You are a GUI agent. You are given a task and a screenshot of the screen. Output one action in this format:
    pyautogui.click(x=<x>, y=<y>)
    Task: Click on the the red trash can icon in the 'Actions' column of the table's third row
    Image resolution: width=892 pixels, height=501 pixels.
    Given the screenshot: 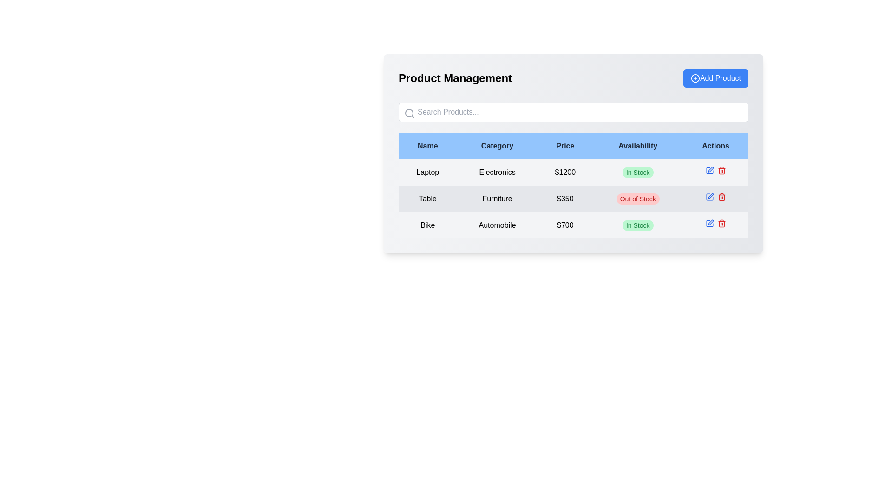 What is the action you would take?
    pyautogui.click(x=721, y=224)
    